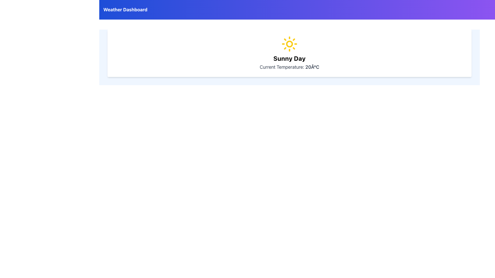 The height and width of the screenshot is (278, 495). Describe the element at coordinates (290, 44) in the screenshot. I see `the sunny weather icon located above the 'Sunny Day' text in the weather dashboard` at that location.